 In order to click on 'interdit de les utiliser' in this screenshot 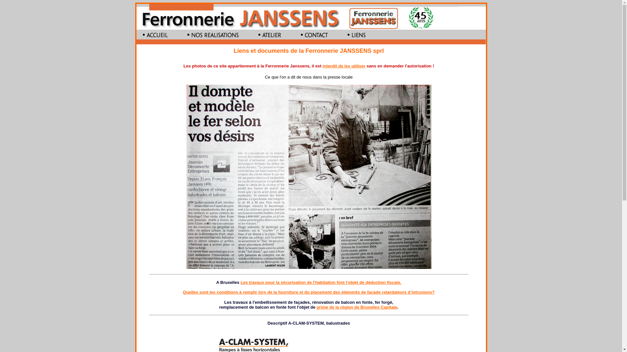, I will do `click(323, 66)`.